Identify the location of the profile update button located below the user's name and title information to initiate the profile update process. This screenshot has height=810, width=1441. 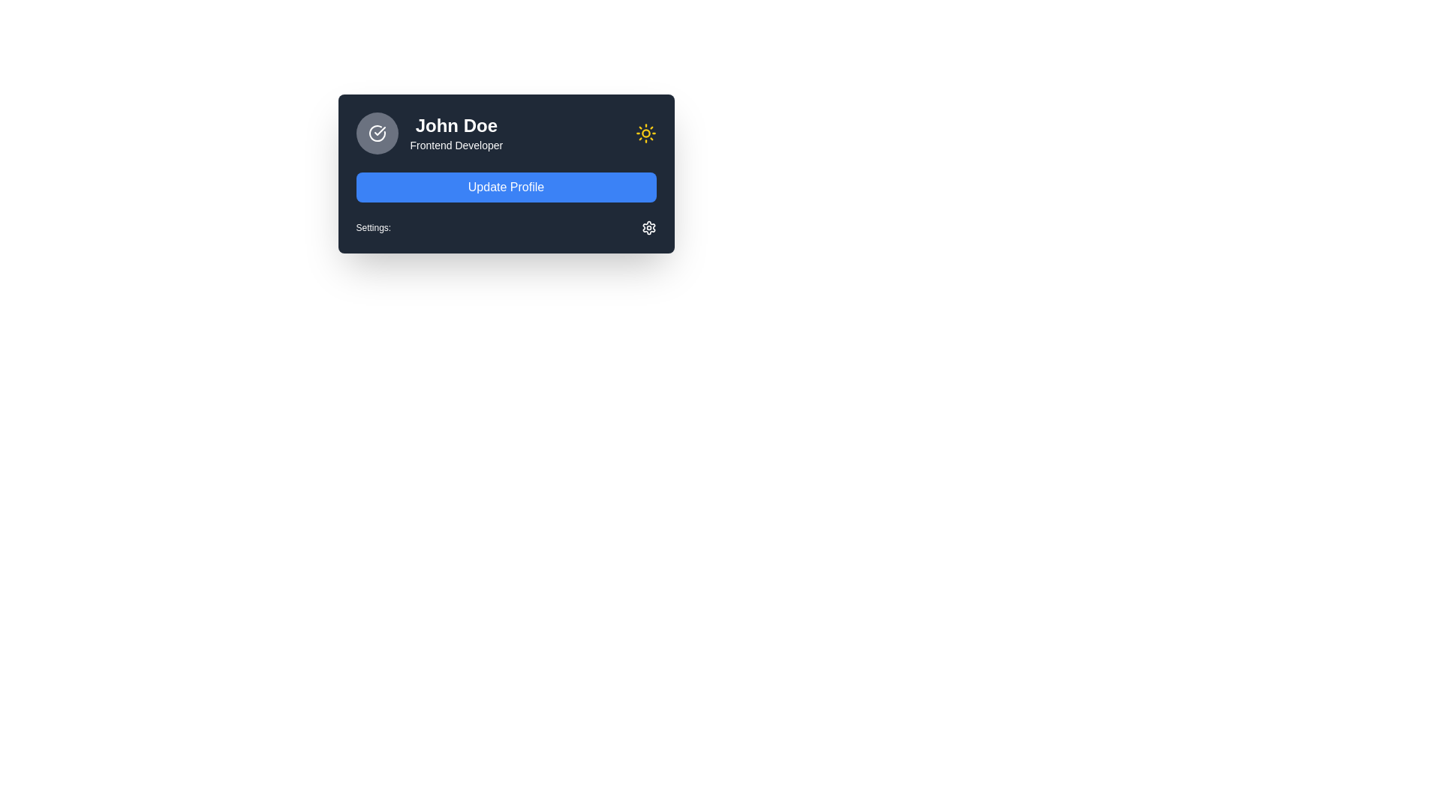
(506, 187).